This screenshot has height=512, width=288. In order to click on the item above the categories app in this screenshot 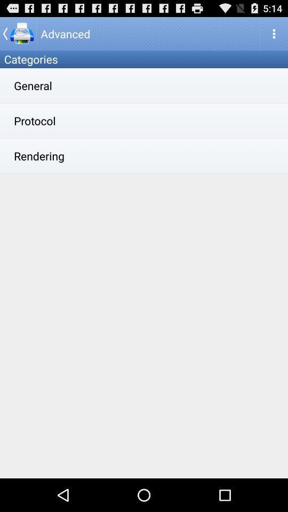, I will do `click(18, 33)`.